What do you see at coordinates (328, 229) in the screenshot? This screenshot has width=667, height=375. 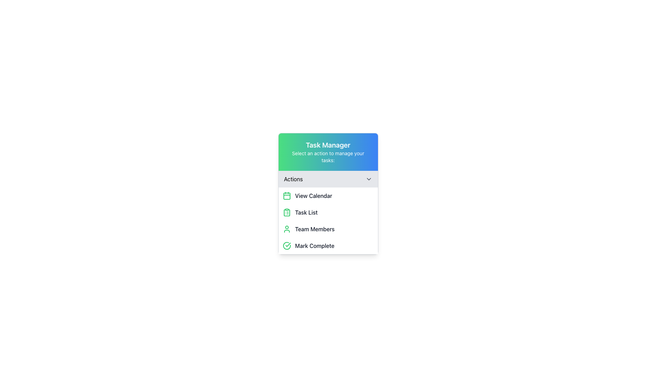 I see `the 'Team Members' button-like interactive list item located in the 'Task Manager' panel` at bounding box center [328, 229].